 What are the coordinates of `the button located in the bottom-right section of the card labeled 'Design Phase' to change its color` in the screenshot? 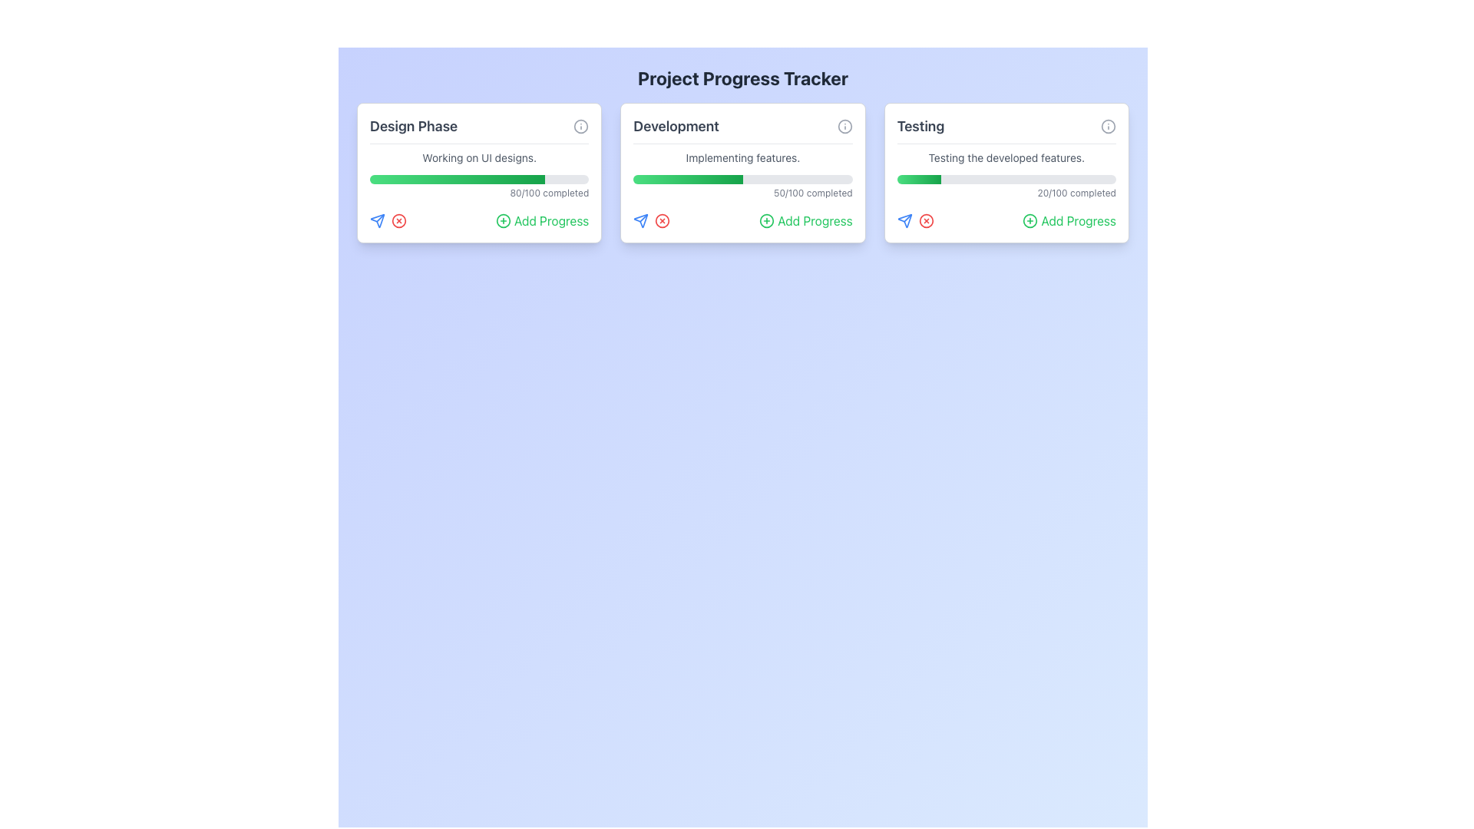 It's located at (478, 221).